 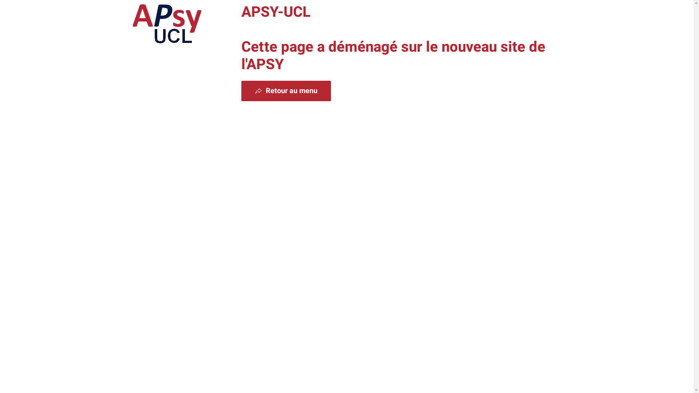 What do you see at coordinates (285, 91) in the screenshot?
I see `'Retour au menu'` at bounding box center [285, 91].